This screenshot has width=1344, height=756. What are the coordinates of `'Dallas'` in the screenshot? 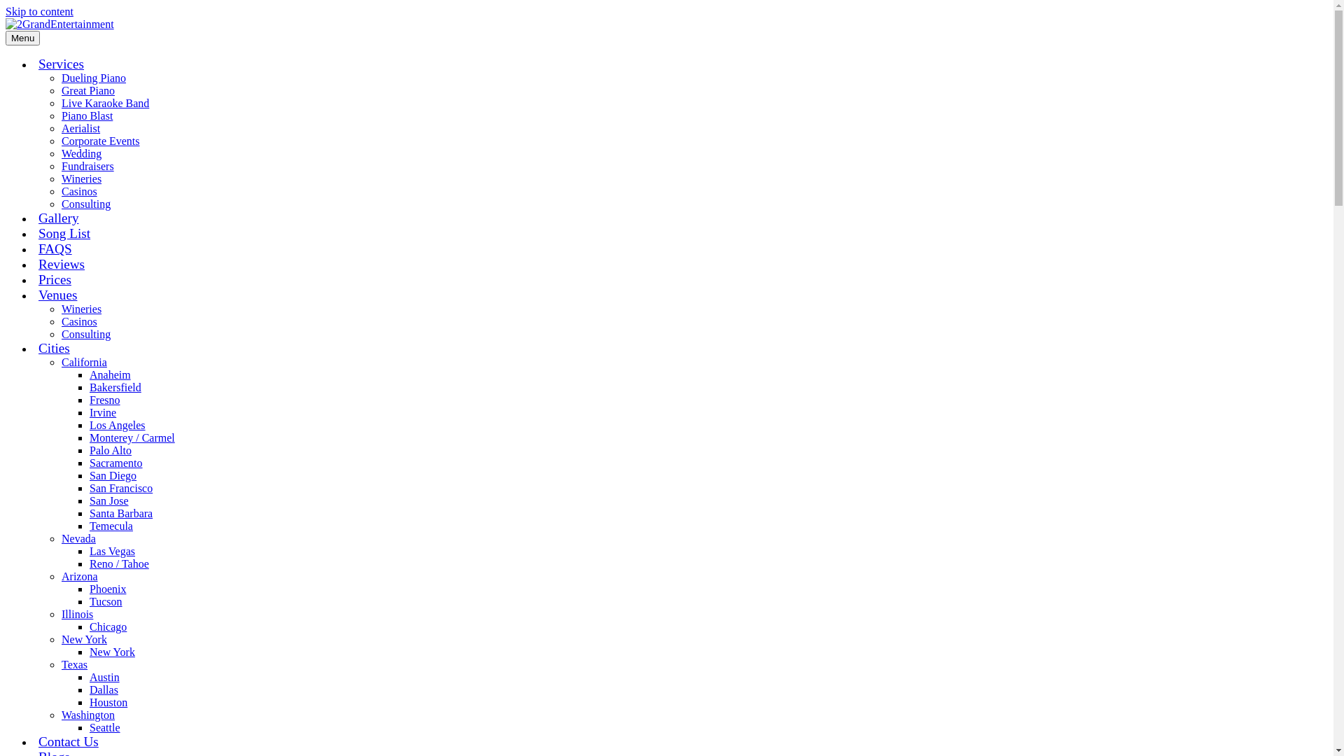 It's located at (103, 689).